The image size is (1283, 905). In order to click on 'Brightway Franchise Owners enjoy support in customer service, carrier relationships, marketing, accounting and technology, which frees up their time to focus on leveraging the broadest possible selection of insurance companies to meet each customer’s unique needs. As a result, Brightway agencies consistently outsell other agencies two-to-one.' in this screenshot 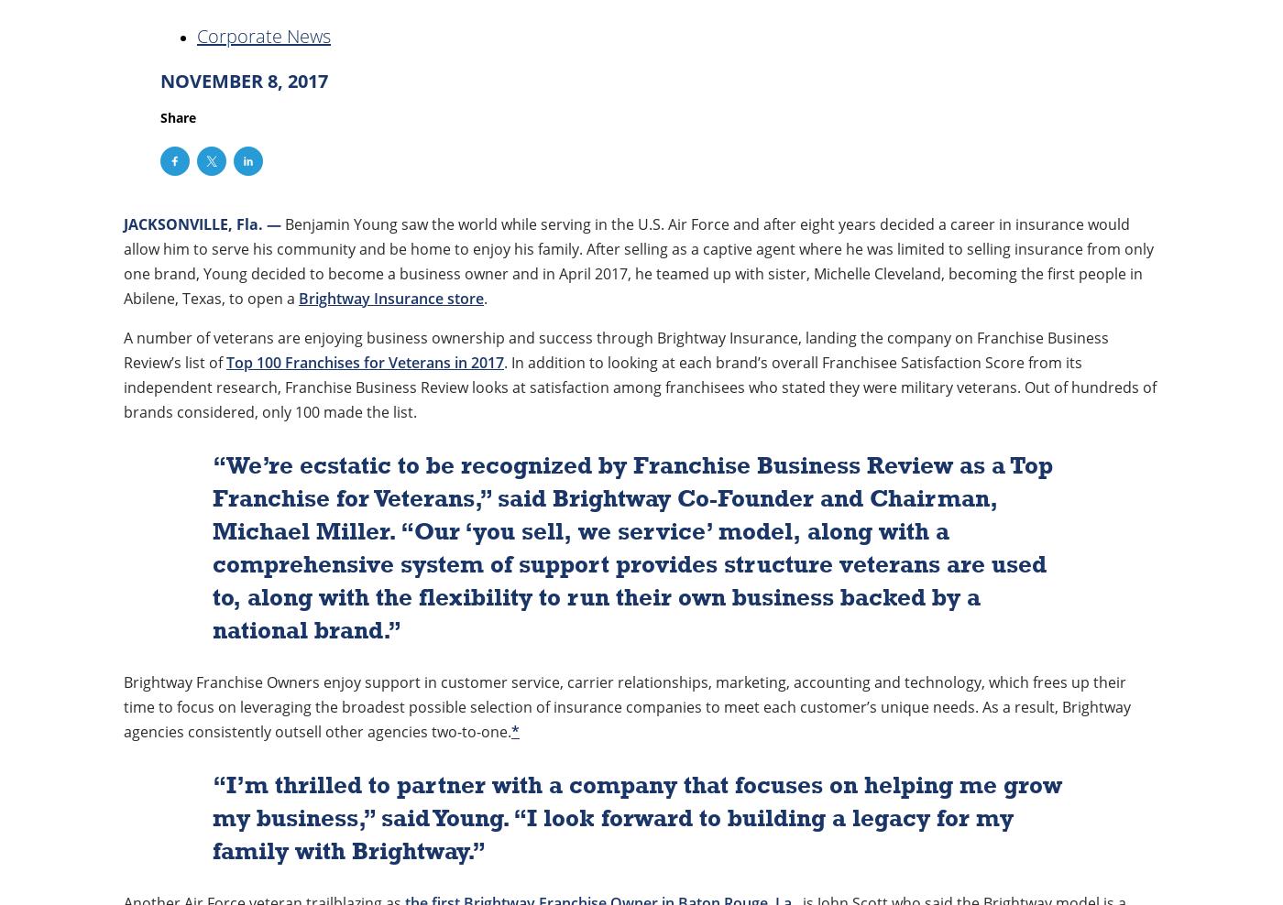, I will do `click(627, 705)`.